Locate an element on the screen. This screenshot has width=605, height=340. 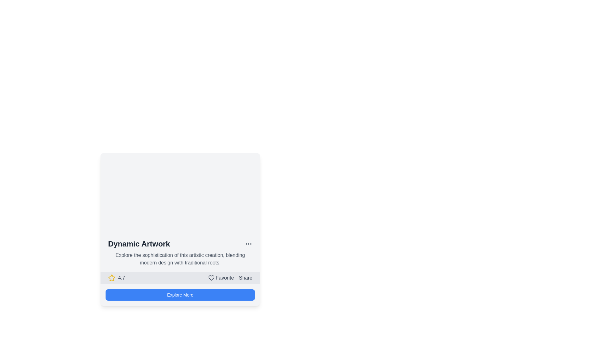
the heart icon representing the 'favorite' or 'like' feature, which is styled in a minimalist design and is located at coordinates (211, 278).